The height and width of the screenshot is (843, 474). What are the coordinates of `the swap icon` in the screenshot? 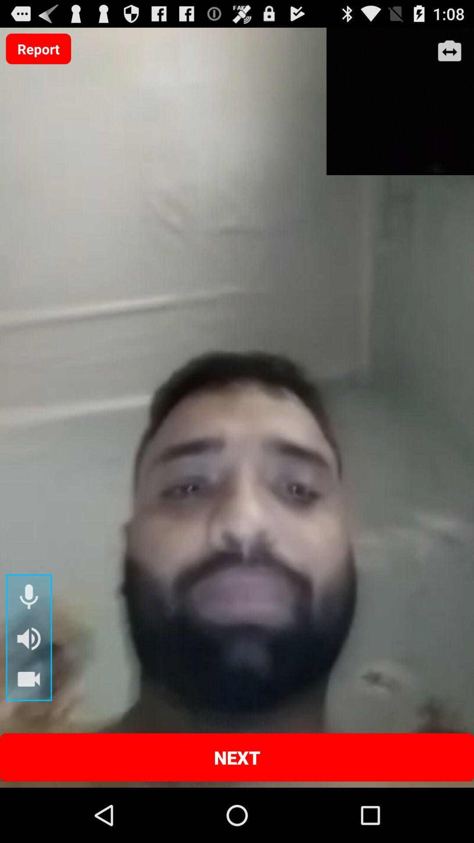 It's located at (449, 55).